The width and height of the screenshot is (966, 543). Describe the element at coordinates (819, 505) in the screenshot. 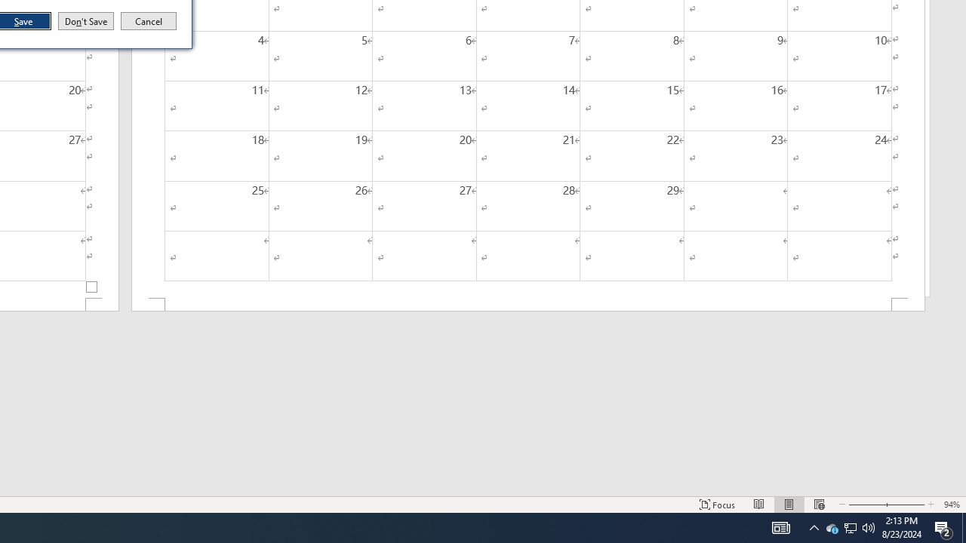

I see `'Web Layout'` at that location.